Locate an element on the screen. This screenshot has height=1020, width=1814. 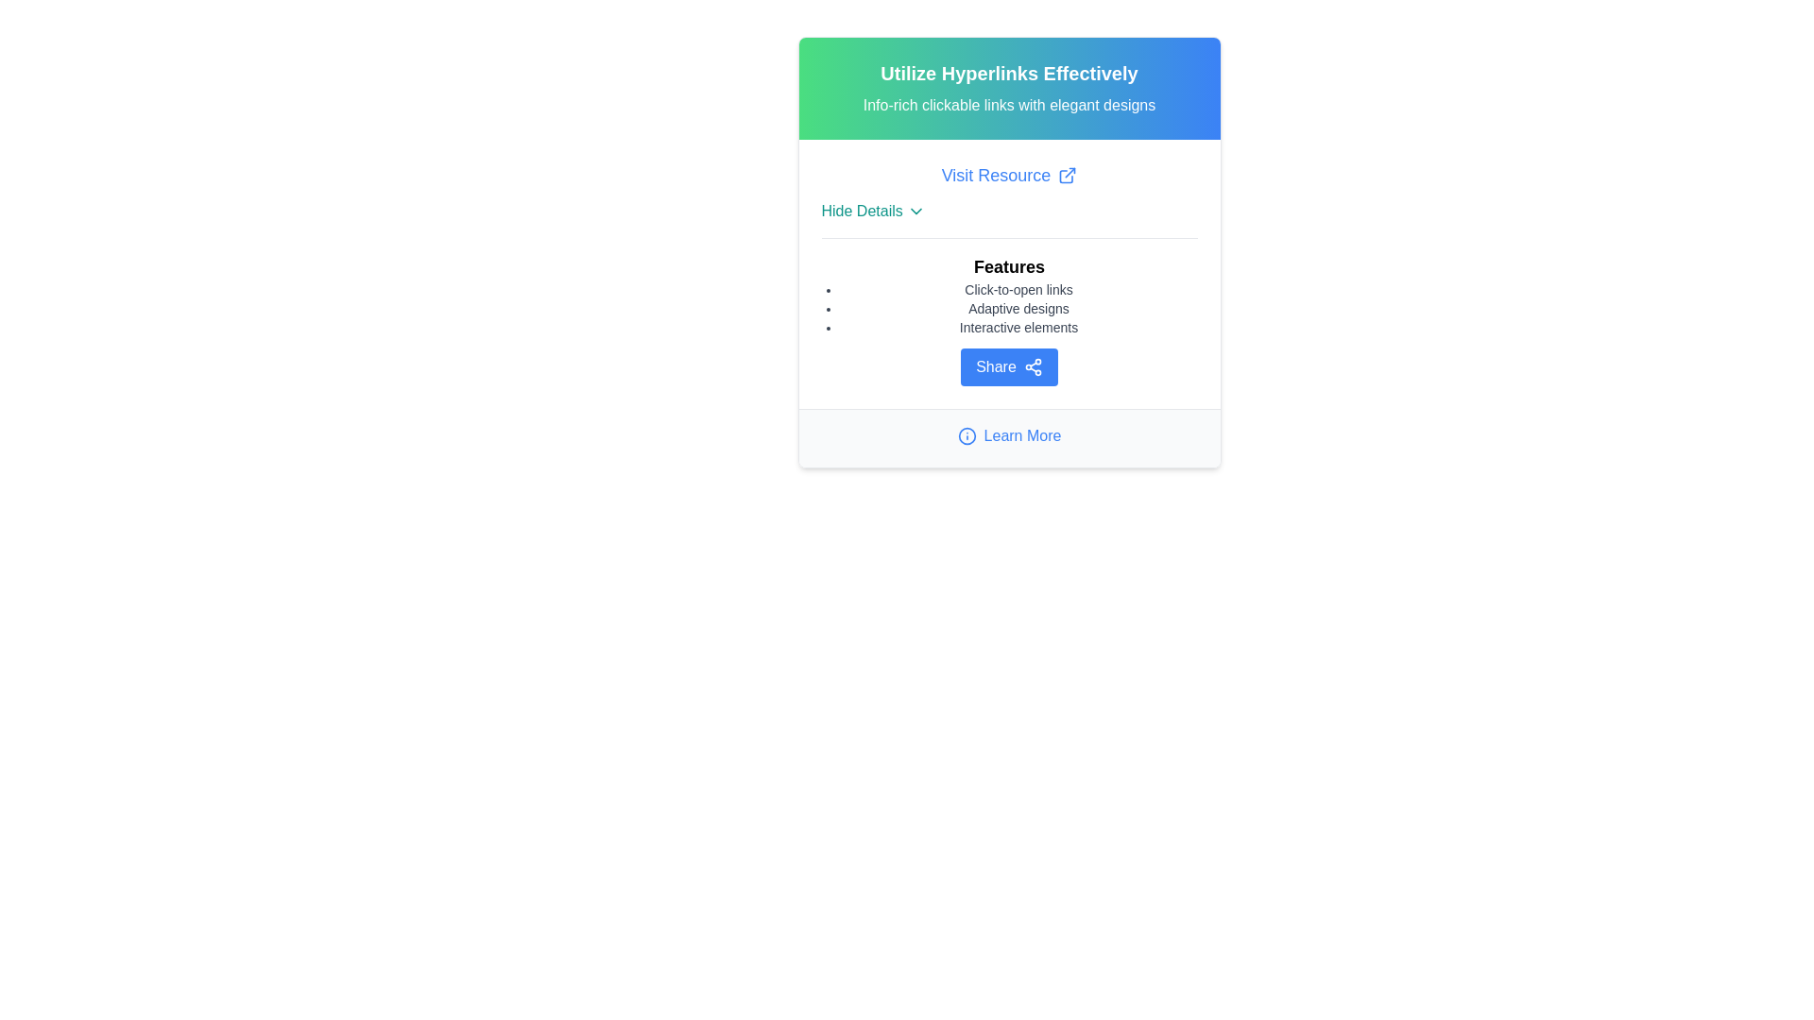
the vertical bullet list containing the items 'Click-to-open links', 'Adaptive designs', and 'Interactive elements', which is styled with gray text and located below the 'Features' heading is located at coordinates (1018, 308).